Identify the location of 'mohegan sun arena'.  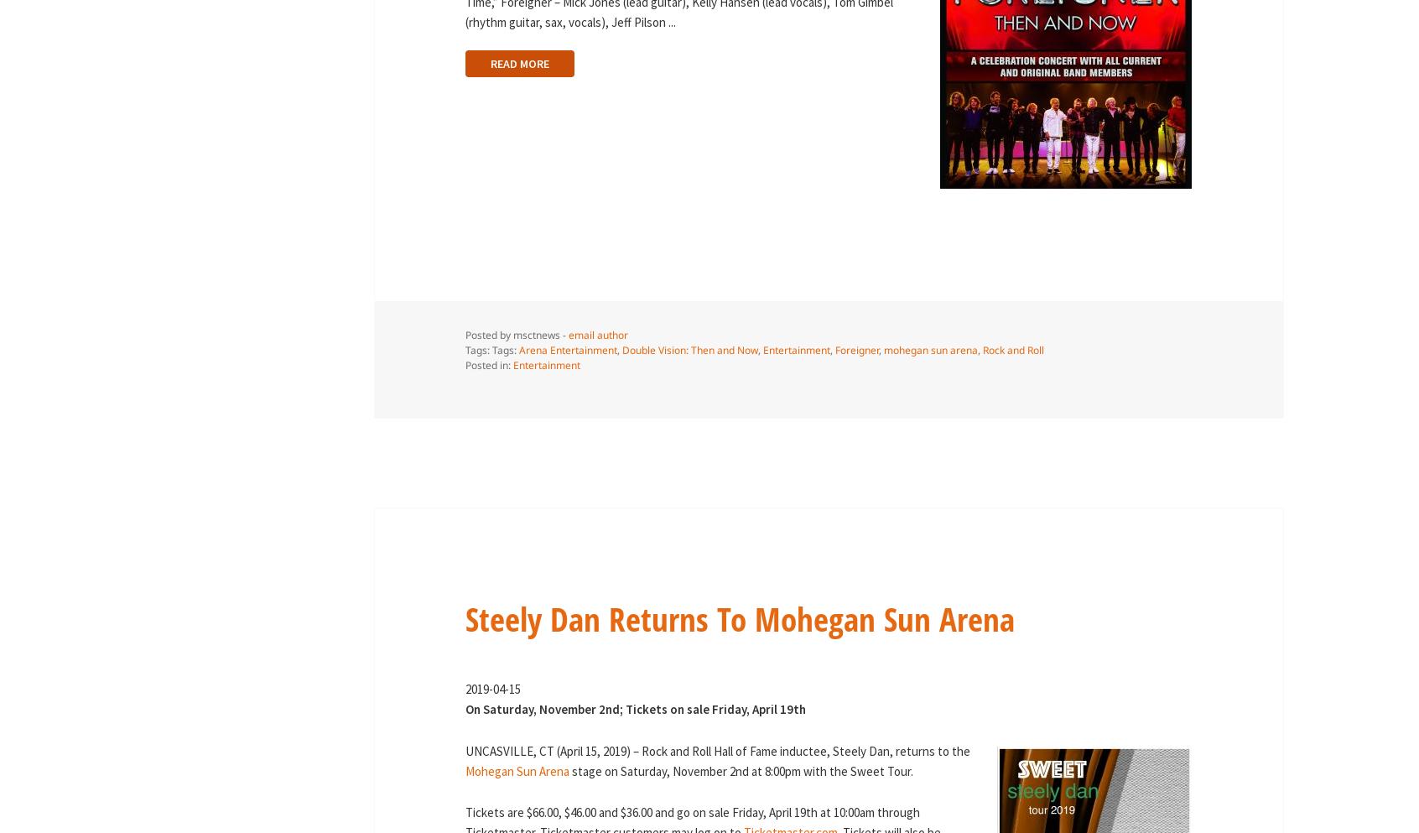
(929, 349).